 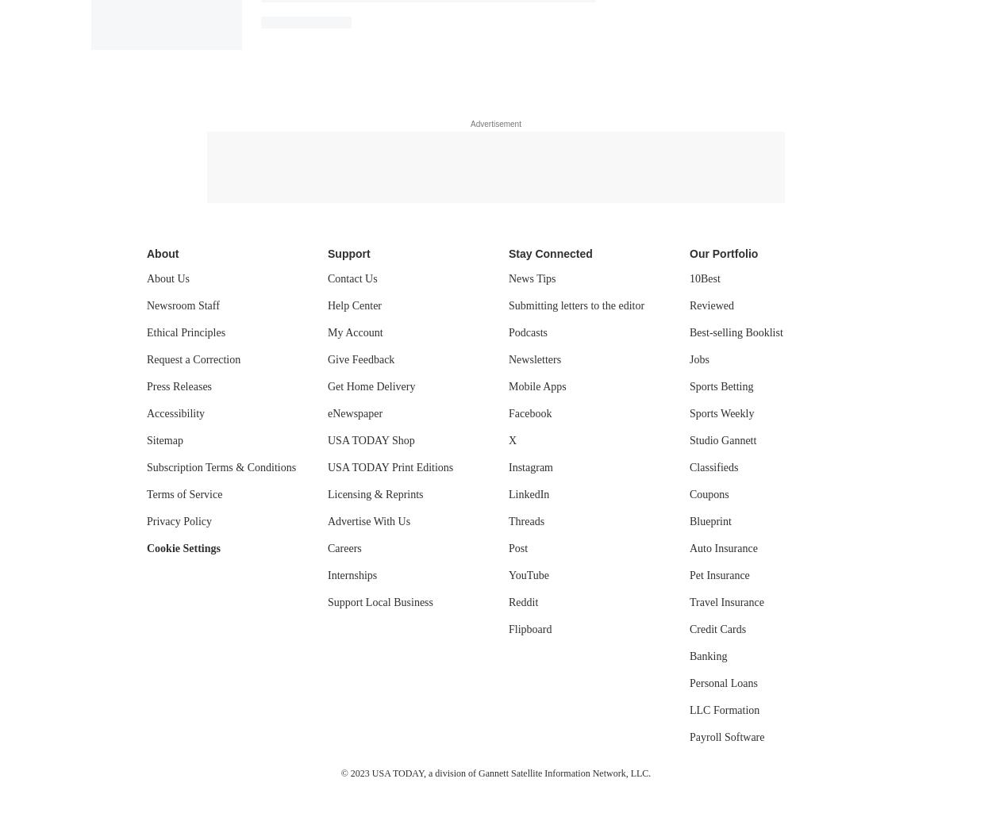 What do you see at coordinates (723, 547) in the screenshot?
I see `'Auto Insurance'` at bounding box center [723, 547].